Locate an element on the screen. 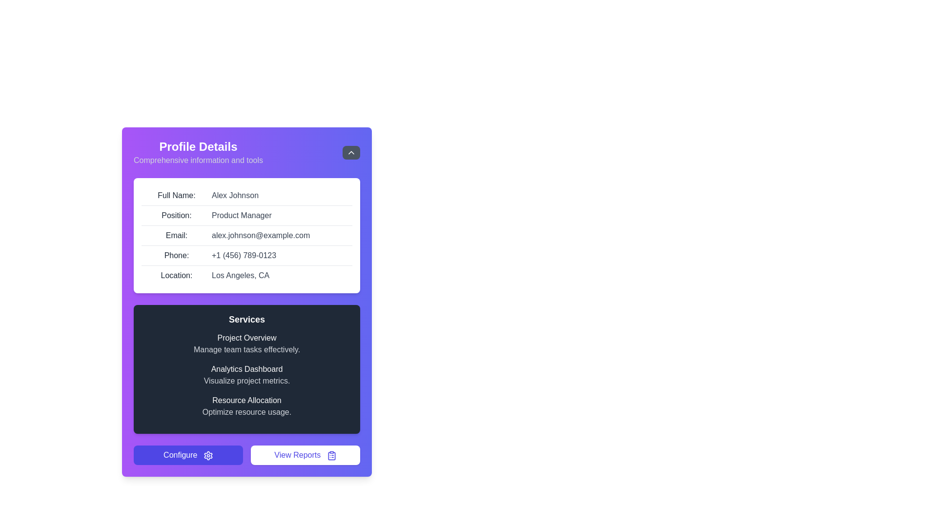 Image resolution: width=937 pixels, height=527 pixels. the text label displaying the geographical reference 'Los Angeles, CA', which is positioned to the right of the label 'Location:' in the details section of the user profile is located at coordinates (241, 275).